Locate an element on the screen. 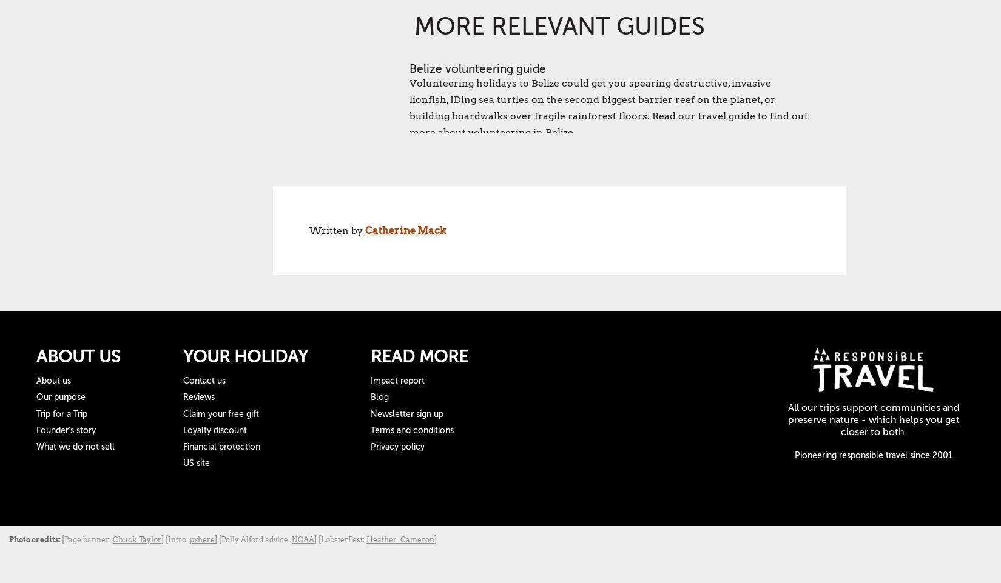 This screenshot has height=583, width=1001. 'US site' is located at coordinates (183, 463).